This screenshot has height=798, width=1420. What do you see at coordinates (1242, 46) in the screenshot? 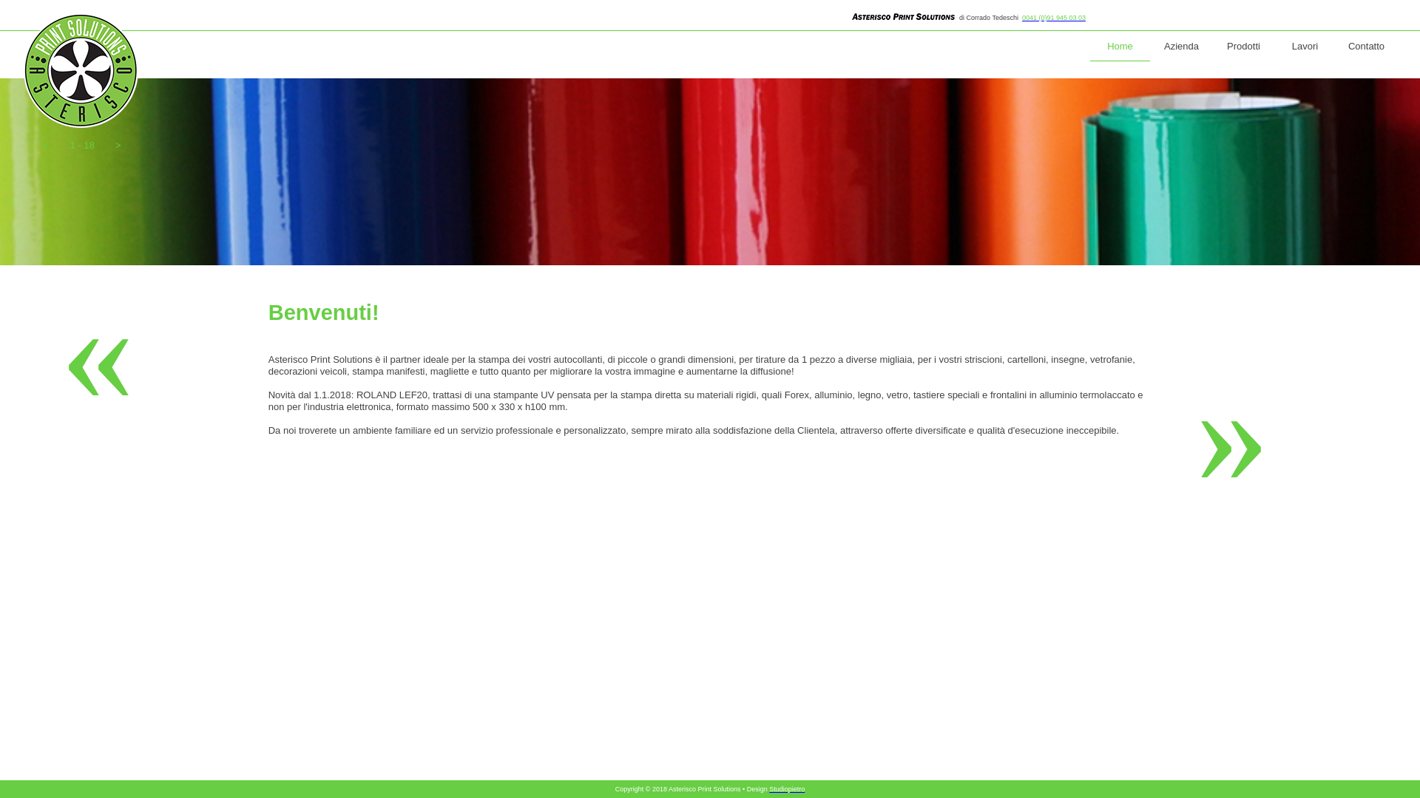
I see `'Prodotti'` at bounding box center [1242, 46].